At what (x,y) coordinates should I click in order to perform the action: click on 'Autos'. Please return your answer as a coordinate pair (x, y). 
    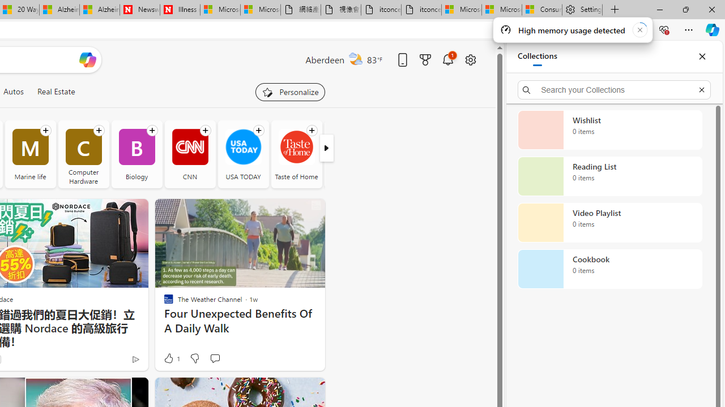
    Looking at the image, I should click on (13, 91).